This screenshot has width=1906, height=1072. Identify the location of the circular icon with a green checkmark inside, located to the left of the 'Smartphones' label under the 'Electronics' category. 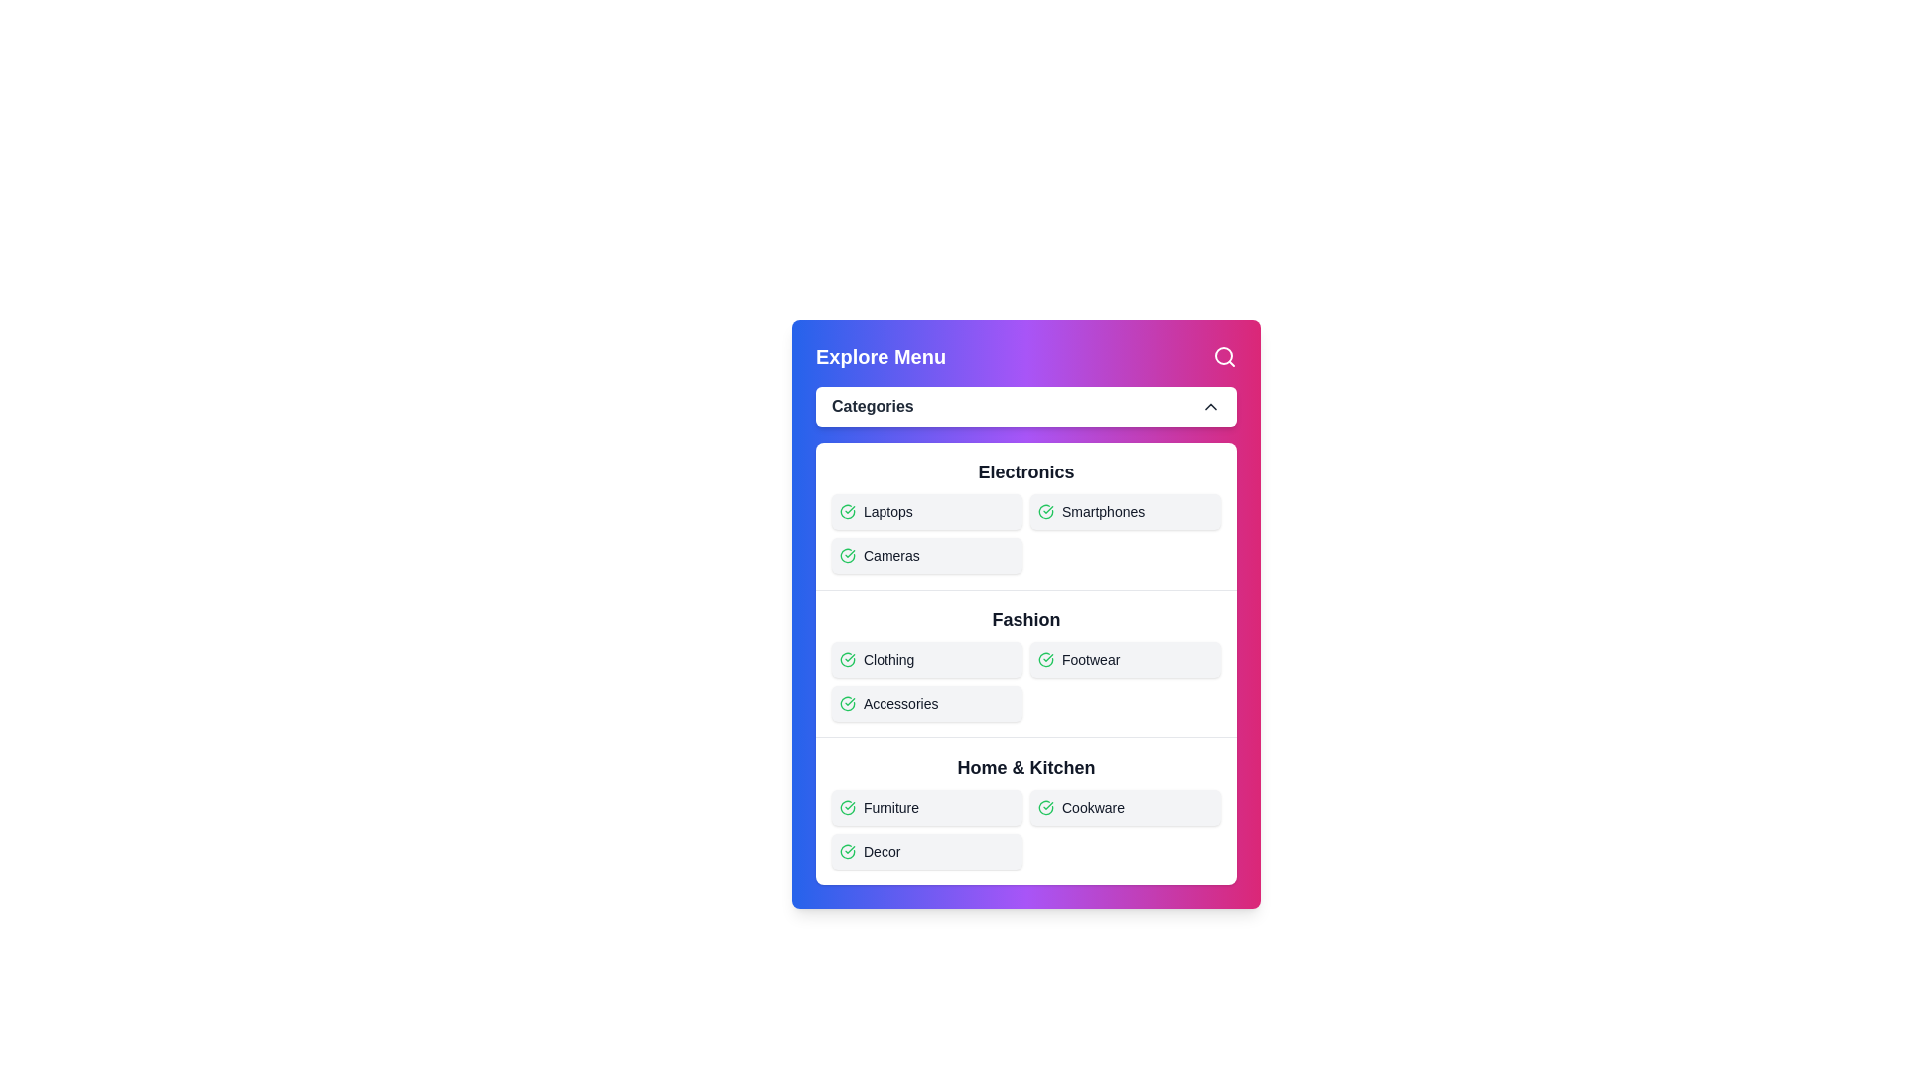
(1045, 511).